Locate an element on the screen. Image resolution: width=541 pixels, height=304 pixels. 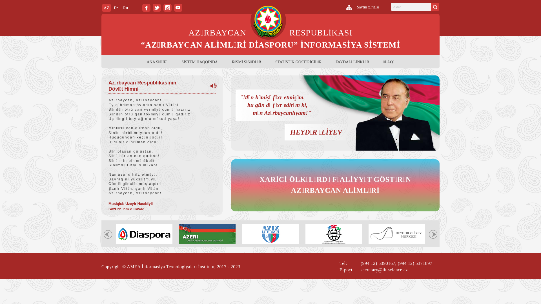
'AZ' is located at coordinates (102, 8).